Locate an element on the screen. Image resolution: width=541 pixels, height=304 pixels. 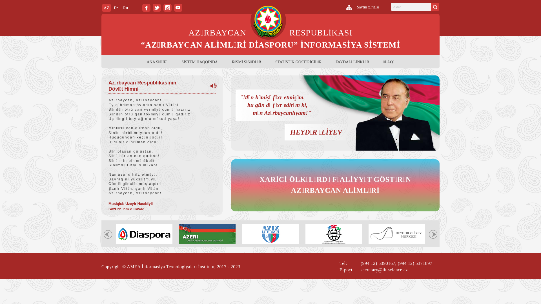
'AZ' is located at coordinates (102, 8).